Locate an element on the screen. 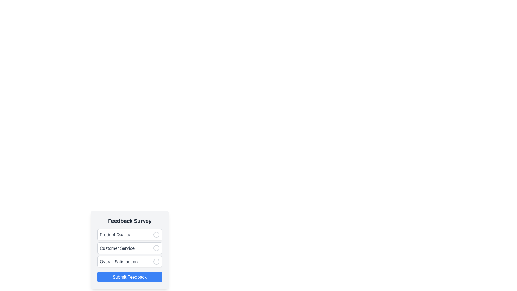 The height and width of the screenshot is (291, 517). label that displays 'Customer Service', which is the second entry in a vertical list within a feedback survey form is located at coordinates (117, 248).